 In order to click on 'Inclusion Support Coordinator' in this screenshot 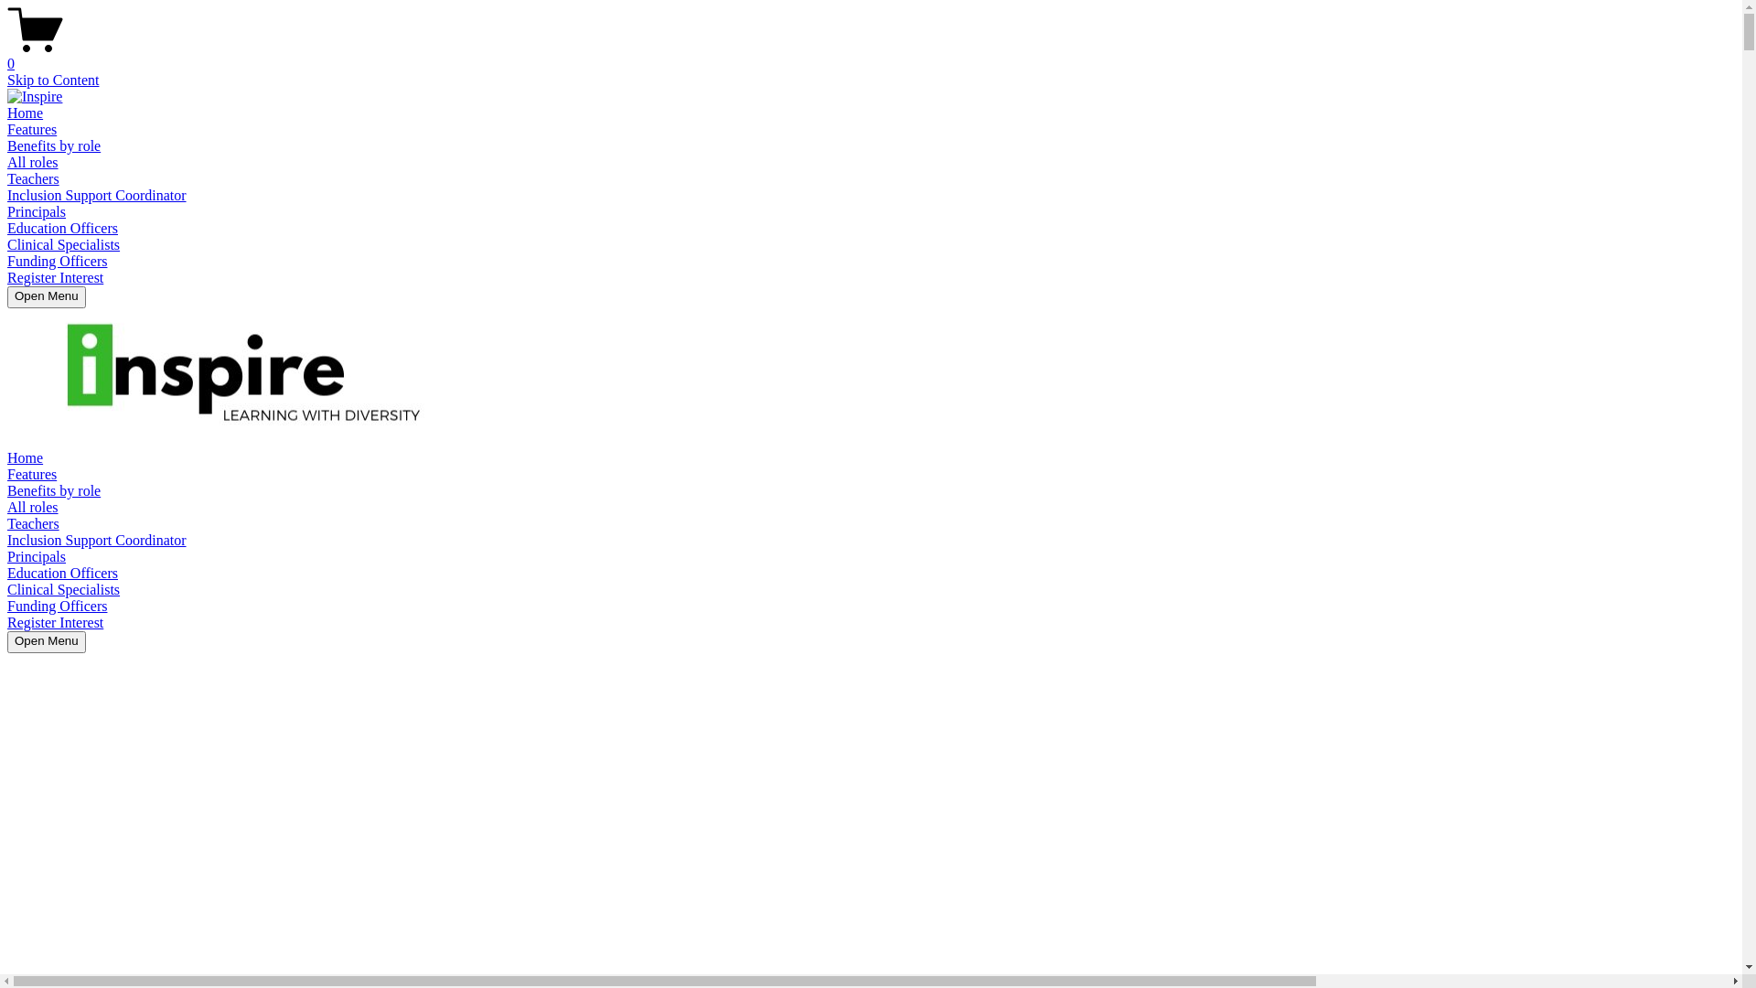, I will do `click(95, 539)`.